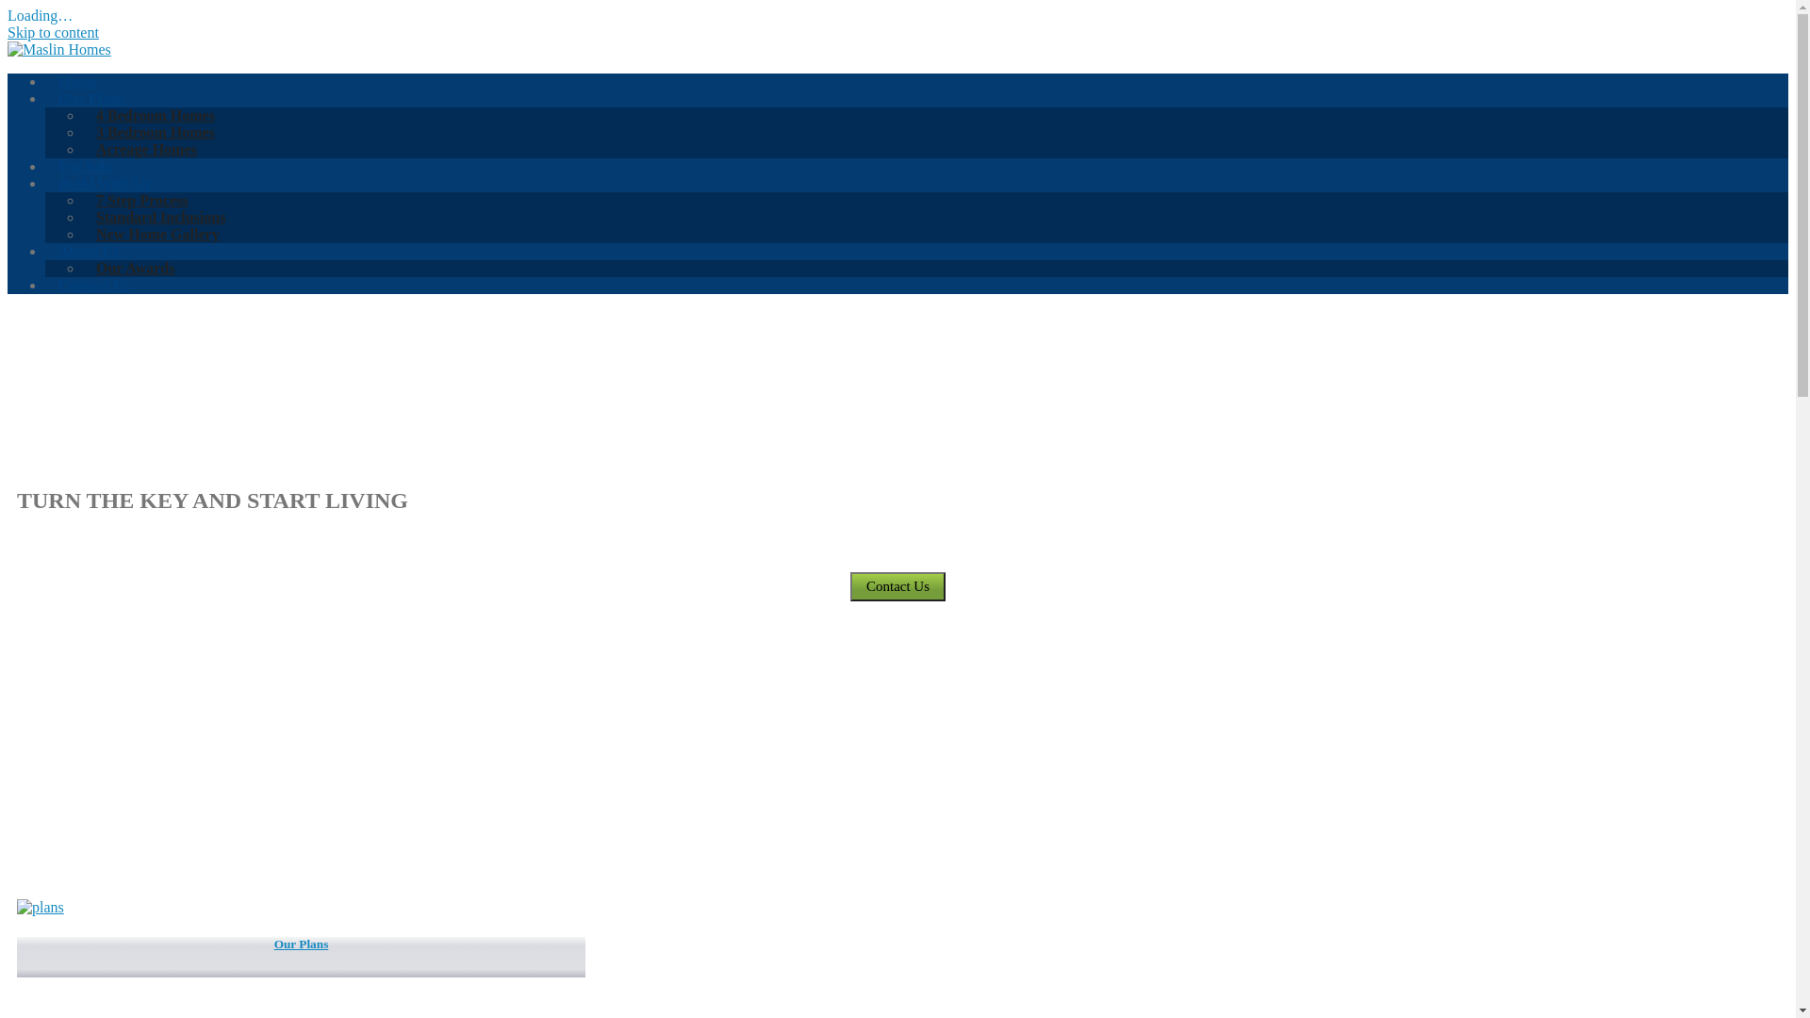 This screenshot has width=1810, height=1018. Describe the element at coordinates (53, 32) in the screenshot. I see `'Skip to content'` at that location.